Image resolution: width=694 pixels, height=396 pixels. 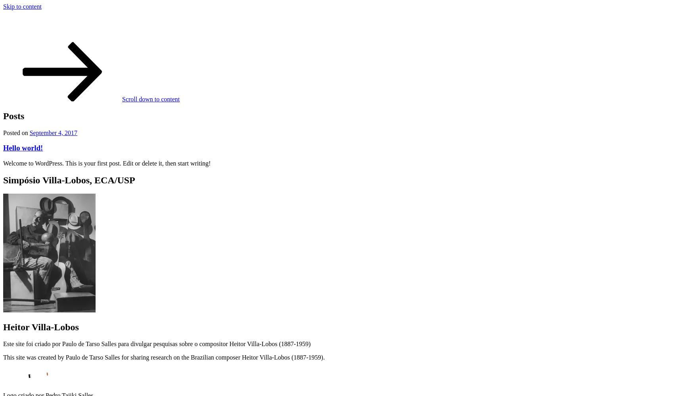 What do you see at coordinates (122, 98) in the screenshot?
I see `'Scroll down to content'` at bounding box center [122, 98].